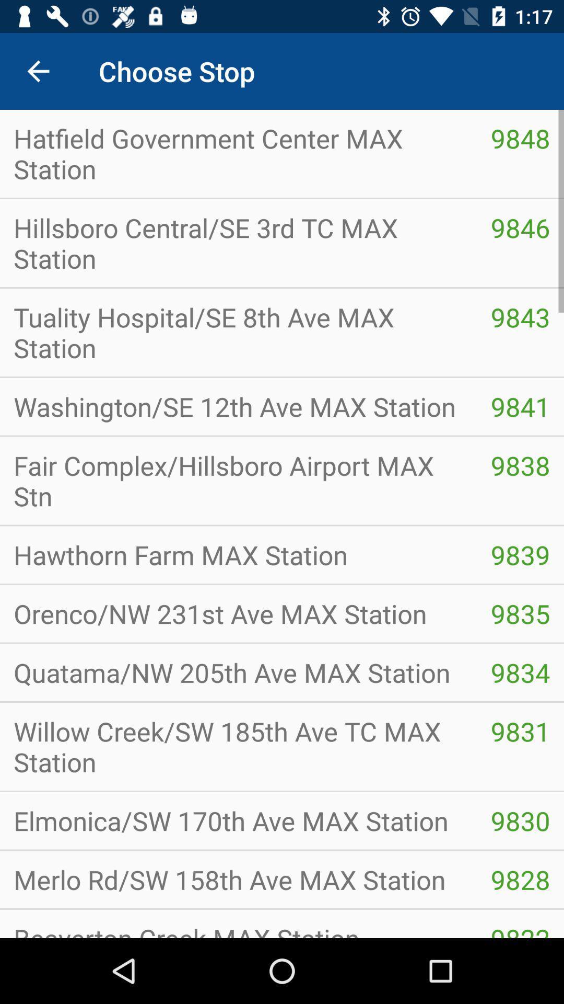 The image size is (564, 1004). I want to click on the item to the right of hatfield government center item, so click(520, 138).